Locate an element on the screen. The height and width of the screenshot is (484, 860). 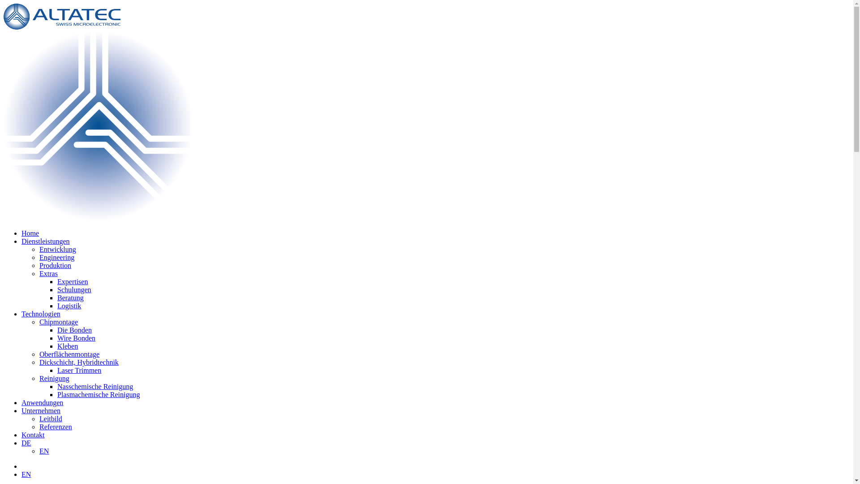
'Schulungen' is located at coordinates (74, 290).